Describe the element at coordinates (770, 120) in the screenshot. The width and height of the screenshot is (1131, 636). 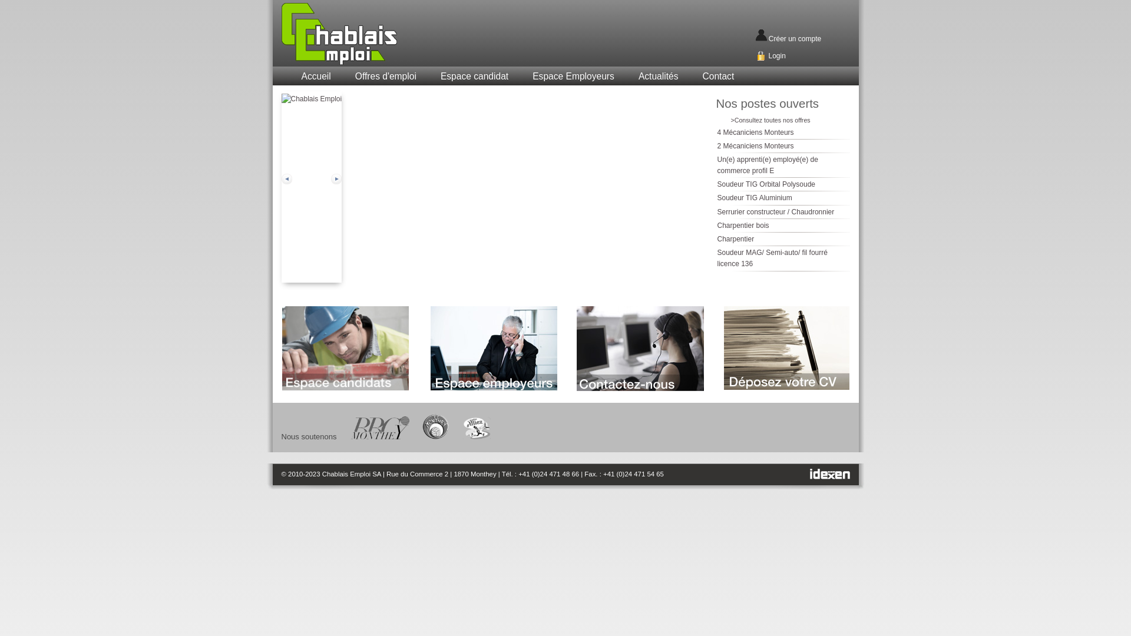
I see `'>Consultez toutes nos offres'` at that location.